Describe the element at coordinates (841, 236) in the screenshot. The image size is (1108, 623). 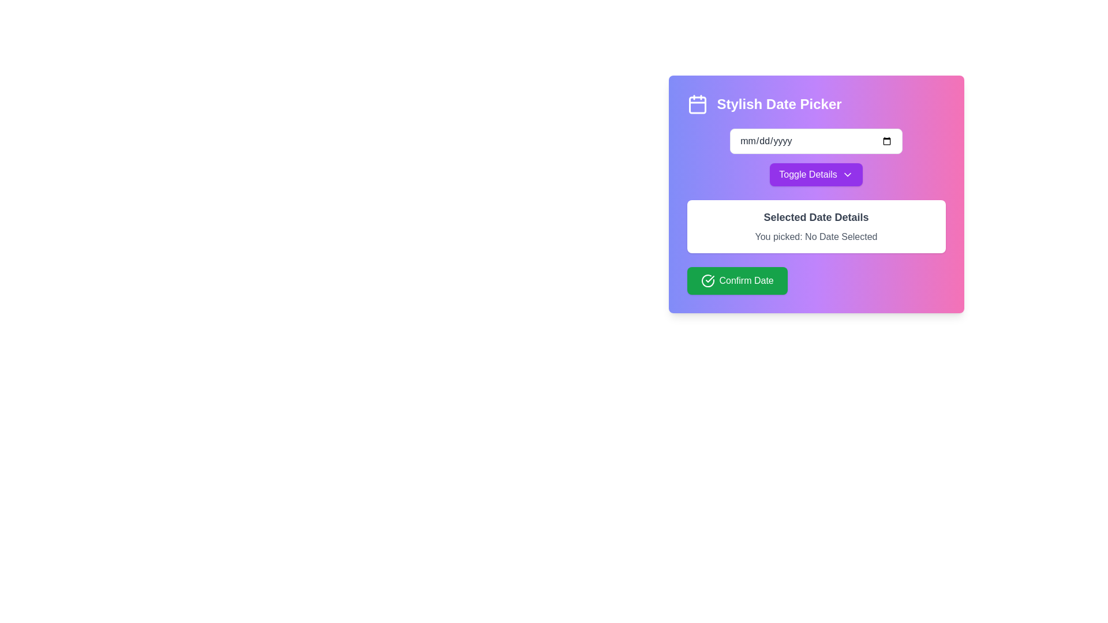
I see `the text label displaying 'No Date Selected', which is styled in muted gray and positioned immediately to the right of 'You picked:' in the date picker interface` at that location.